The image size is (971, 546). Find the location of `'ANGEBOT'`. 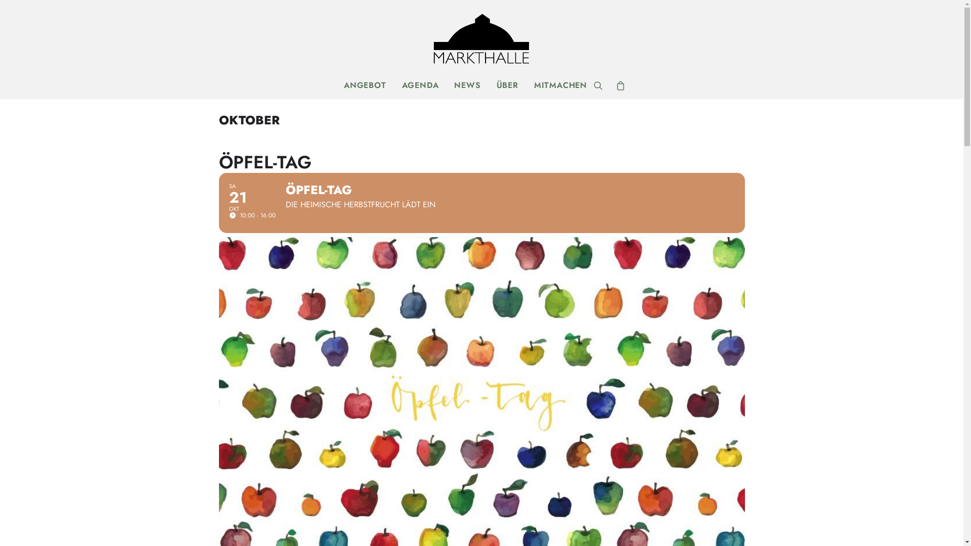

'ANGEBOT' is located at coordinates (337, 85).